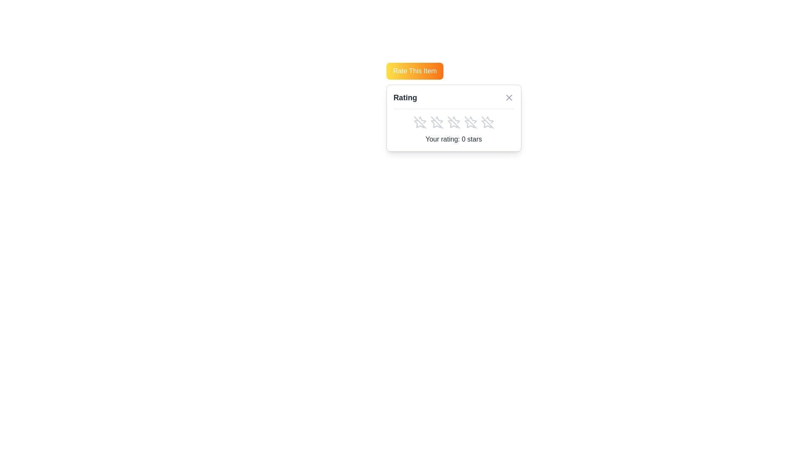  Describe the element at coordinates (473, 120) in the screenshot. I see `the fourth star in the five-star rating system located in the center of the 'Rating' dialog box to rate at this level` at that location.